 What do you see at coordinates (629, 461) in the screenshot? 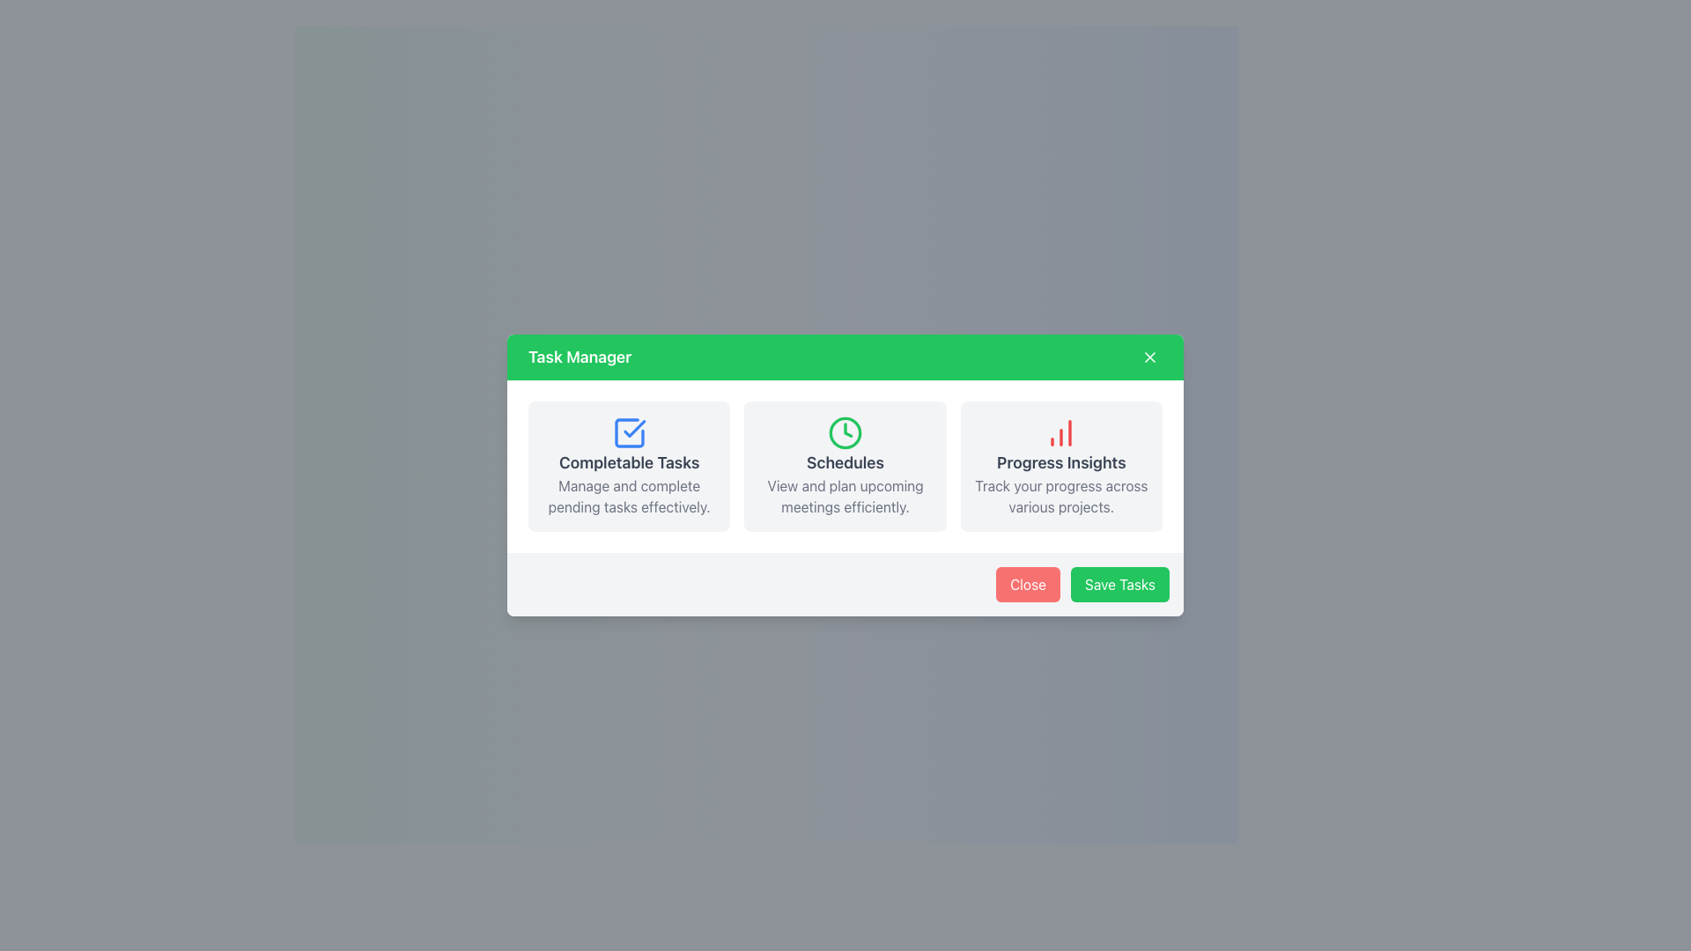
I see `text of the header label located in the 'Completable Tasks' section of the Task Manager interface, which is centrally aligned beneath a large checkmark icon` at bounding box center [629, 461].